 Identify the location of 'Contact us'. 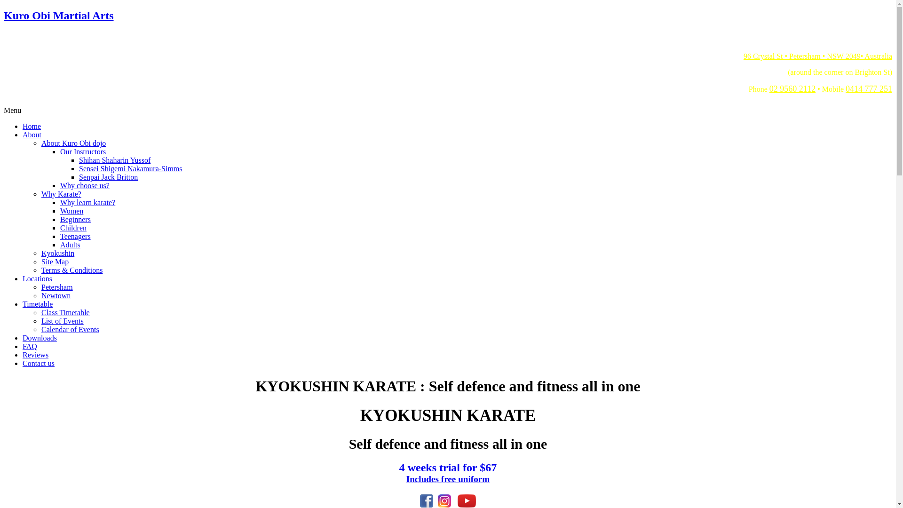
(38, 363).